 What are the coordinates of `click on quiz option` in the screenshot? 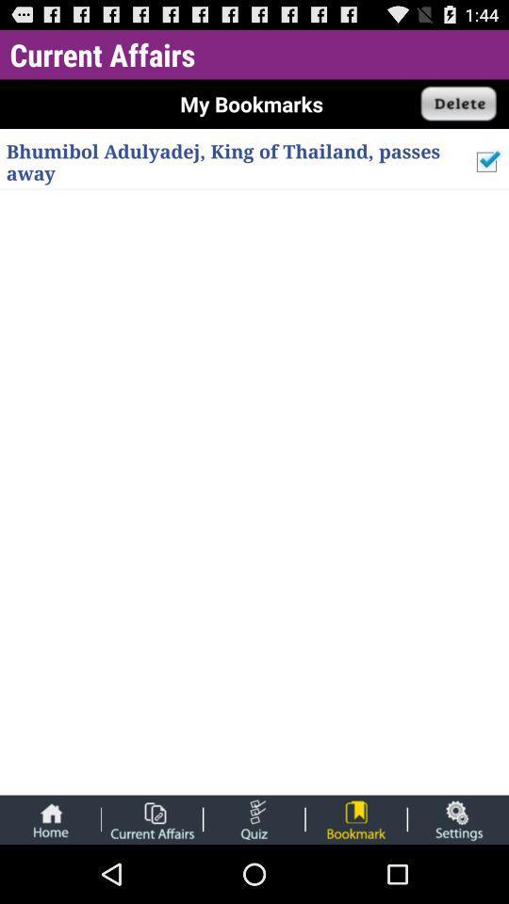 It's located at (254, 818).